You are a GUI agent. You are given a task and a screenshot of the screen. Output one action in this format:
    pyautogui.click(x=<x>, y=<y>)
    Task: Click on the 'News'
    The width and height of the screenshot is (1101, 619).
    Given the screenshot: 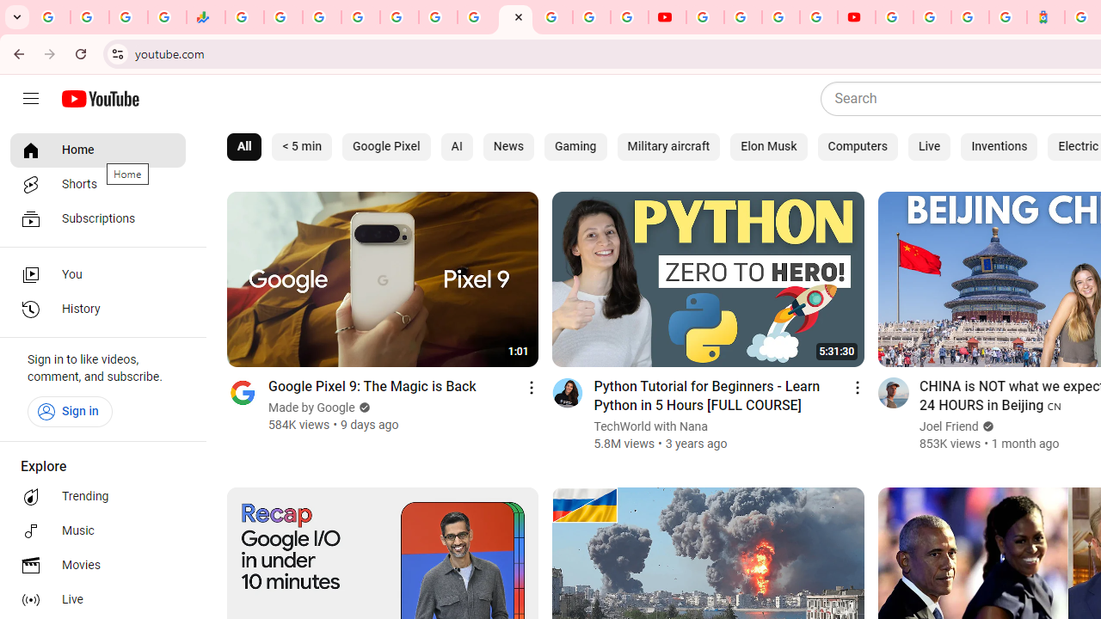 What is the action you would take?
    pyautogui.click(x=507, y=146)
    